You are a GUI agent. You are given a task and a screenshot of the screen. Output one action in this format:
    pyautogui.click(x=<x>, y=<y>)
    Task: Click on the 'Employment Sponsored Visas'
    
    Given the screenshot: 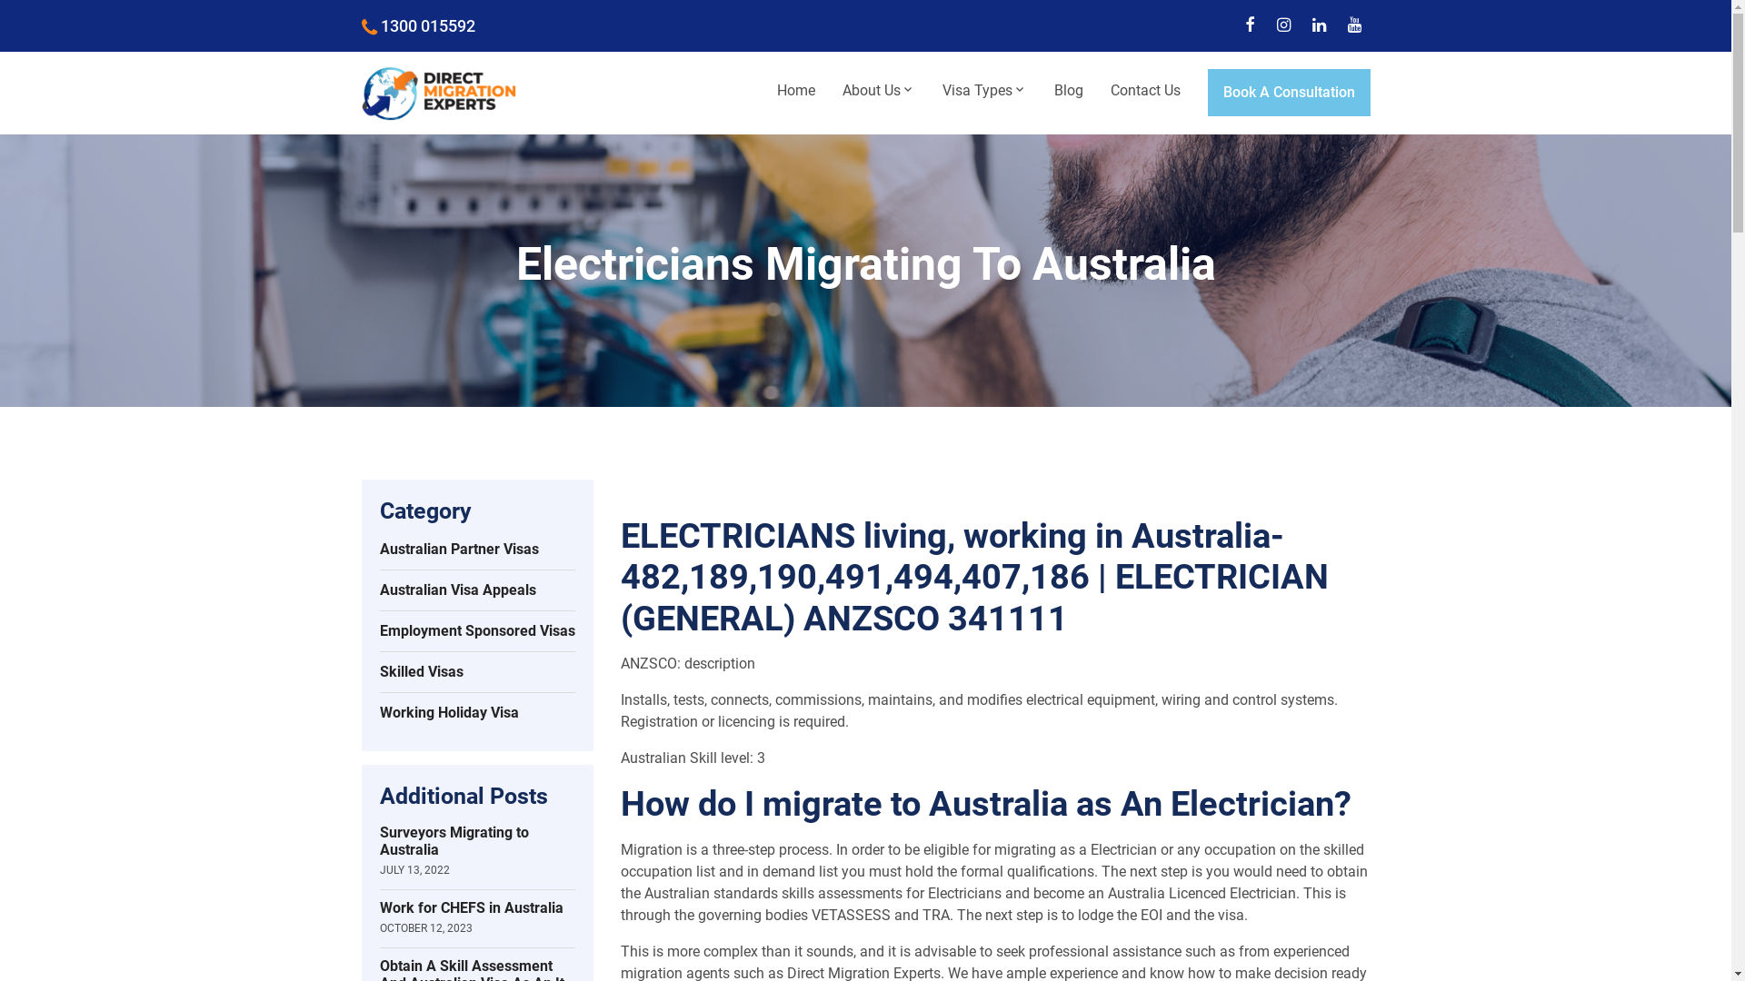 What is the action you would take?
    pyautogui.click(x=378, y=630)
    